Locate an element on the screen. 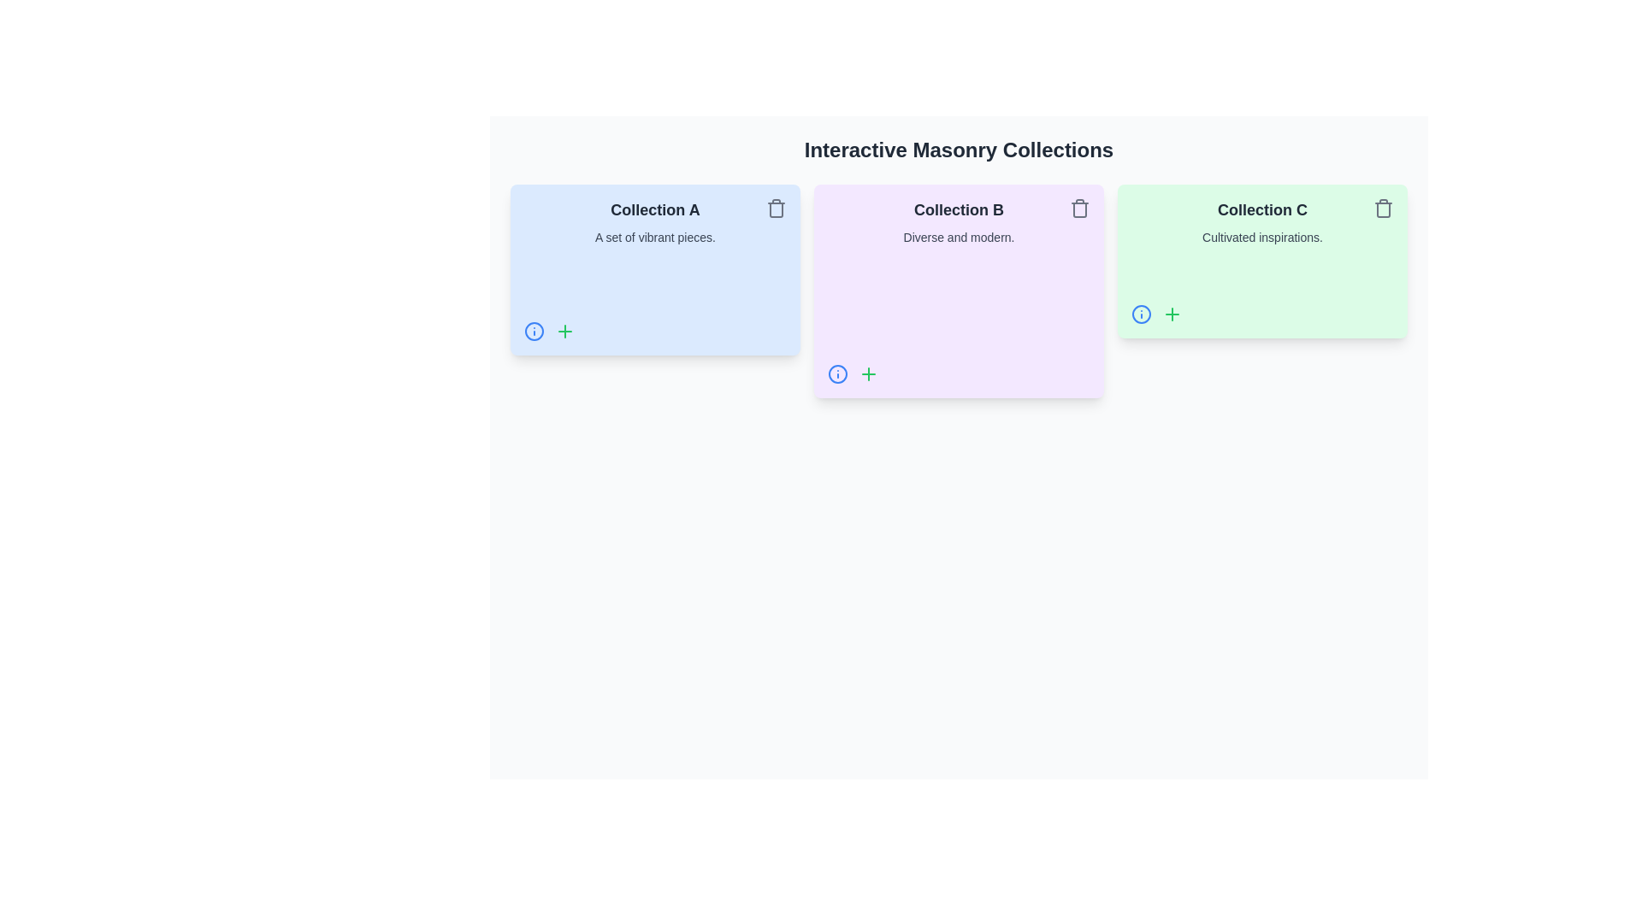 The image size is (1642, 923). text displayed in the text display element that has a light blue background, containing 'Collection A' in bold and 'A set of vibrant pieces.' in a lighter font is located at coordinates (654, 220).